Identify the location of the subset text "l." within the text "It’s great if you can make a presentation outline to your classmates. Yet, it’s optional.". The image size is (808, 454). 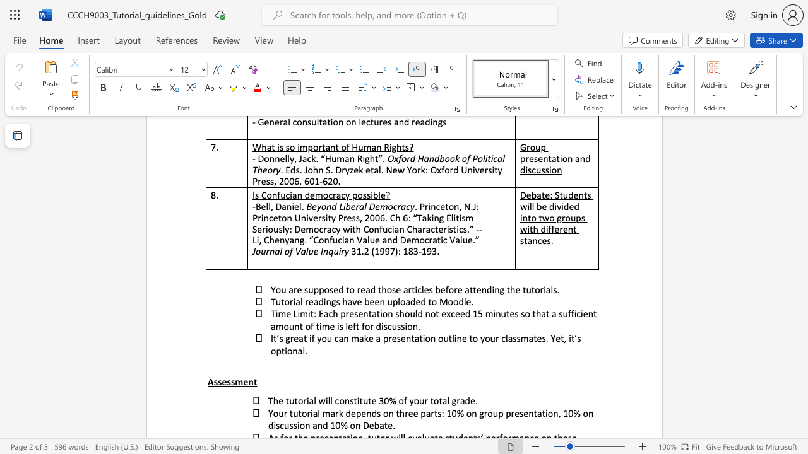
(302, 351).